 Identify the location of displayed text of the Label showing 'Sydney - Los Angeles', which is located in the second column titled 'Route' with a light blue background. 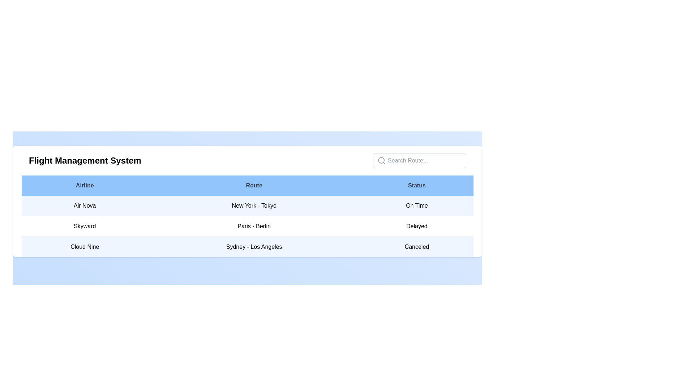
(254, 246).